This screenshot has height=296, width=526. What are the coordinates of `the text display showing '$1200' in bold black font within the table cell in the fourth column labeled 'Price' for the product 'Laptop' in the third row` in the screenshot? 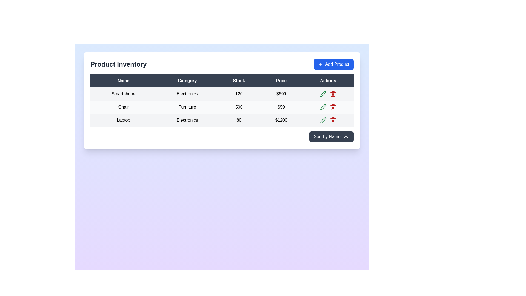 It's located at (281, 120).